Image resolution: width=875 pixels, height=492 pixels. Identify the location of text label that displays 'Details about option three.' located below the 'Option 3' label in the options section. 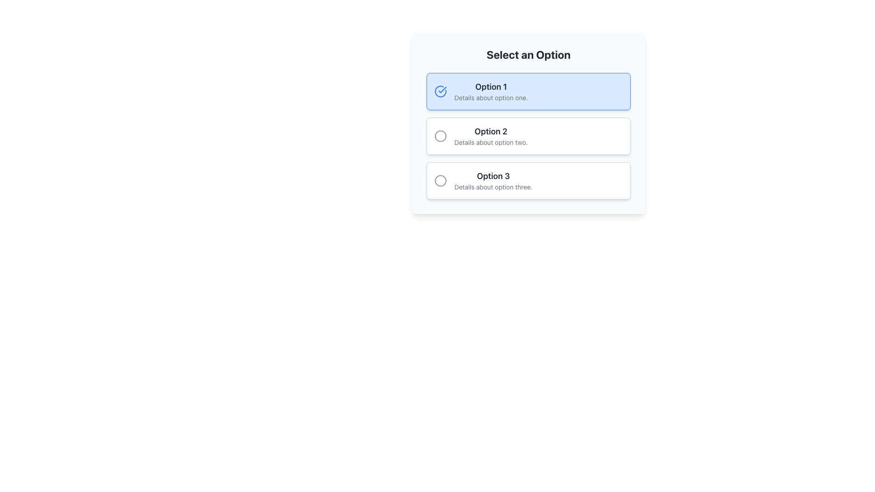
(493, 187).